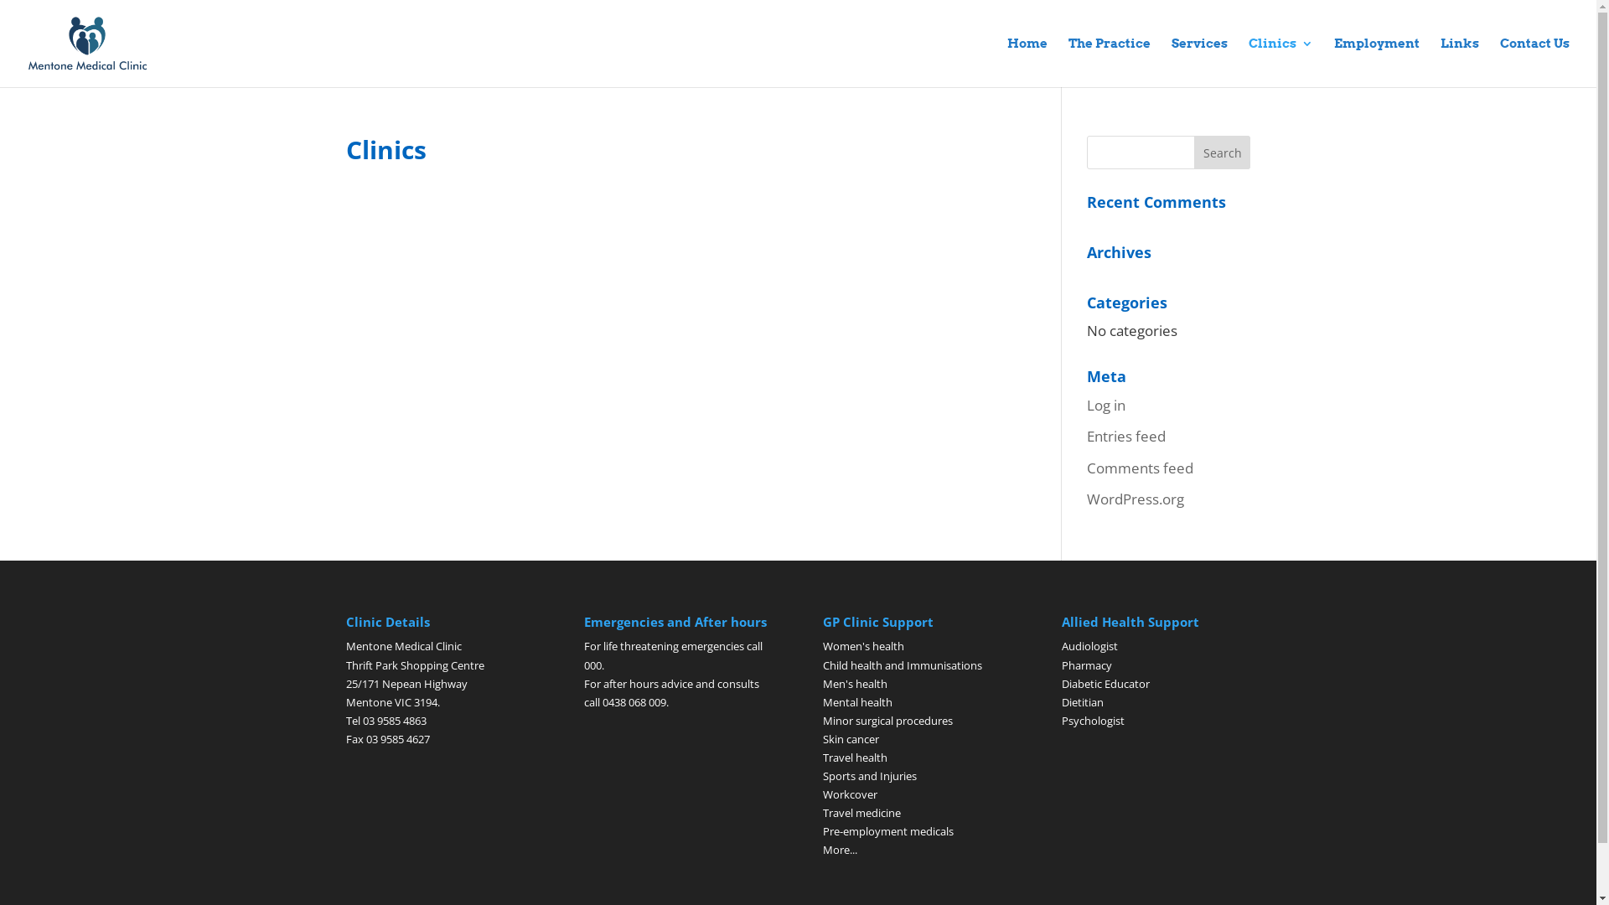  Describe the element at coordinates (1140, 468) in the screenshot. I see `'Comments feed'` at that location.